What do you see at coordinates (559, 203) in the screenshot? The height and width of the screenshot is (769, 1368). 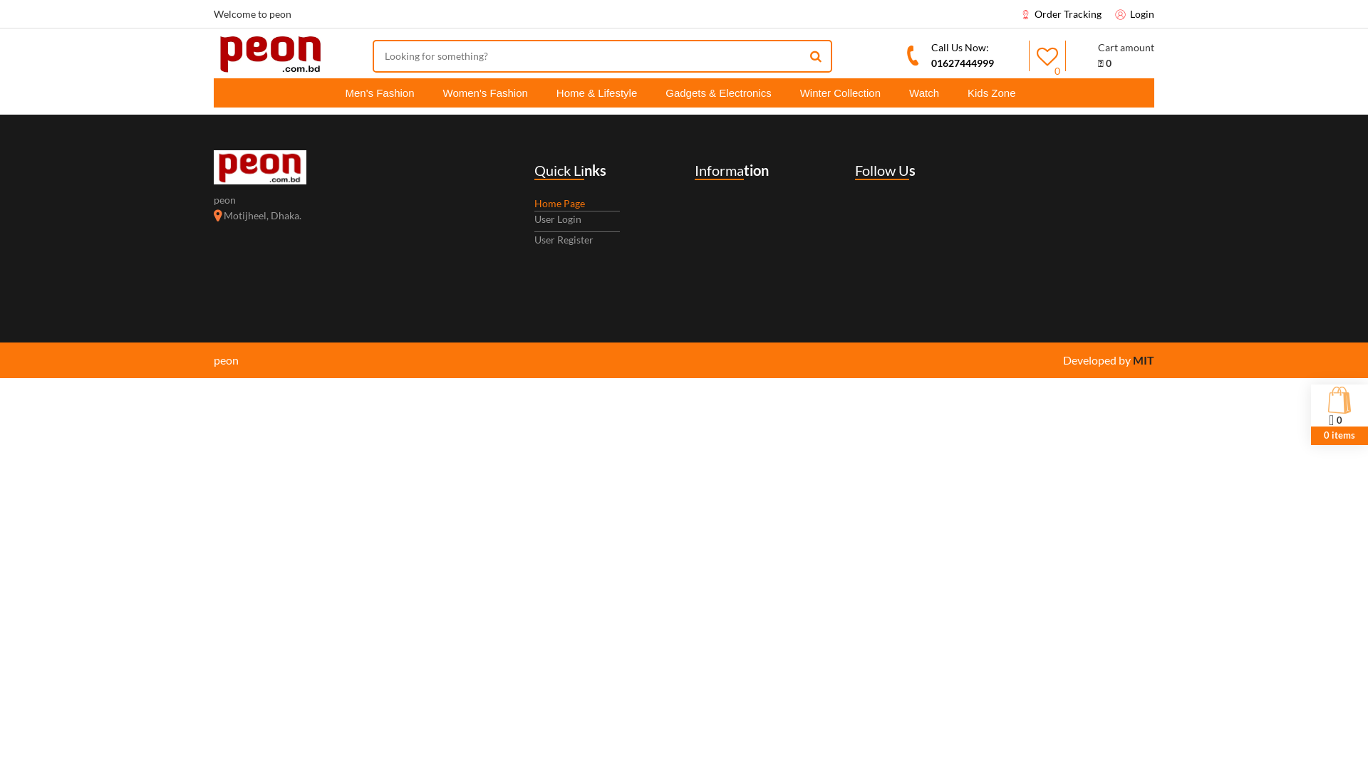 I see `'Home Page'` at bounding box center [559, 203].